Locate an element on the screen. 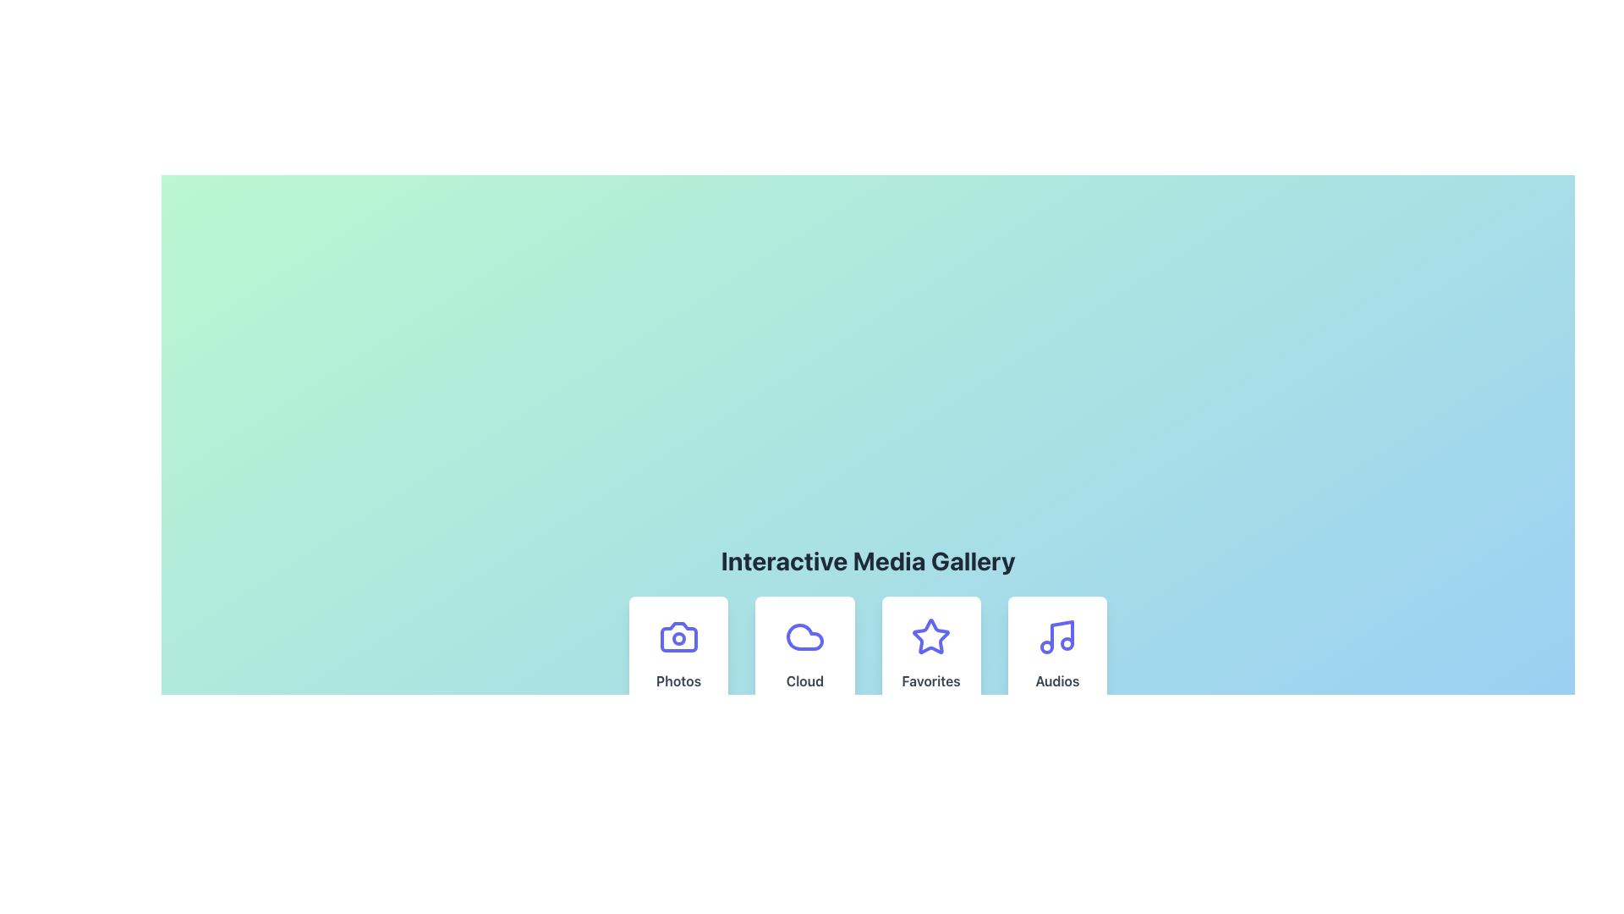 This screenshot has width=1624, height=914. the 'Favorites' selectable card in the gallery interface is located at coordinates (868, 656).